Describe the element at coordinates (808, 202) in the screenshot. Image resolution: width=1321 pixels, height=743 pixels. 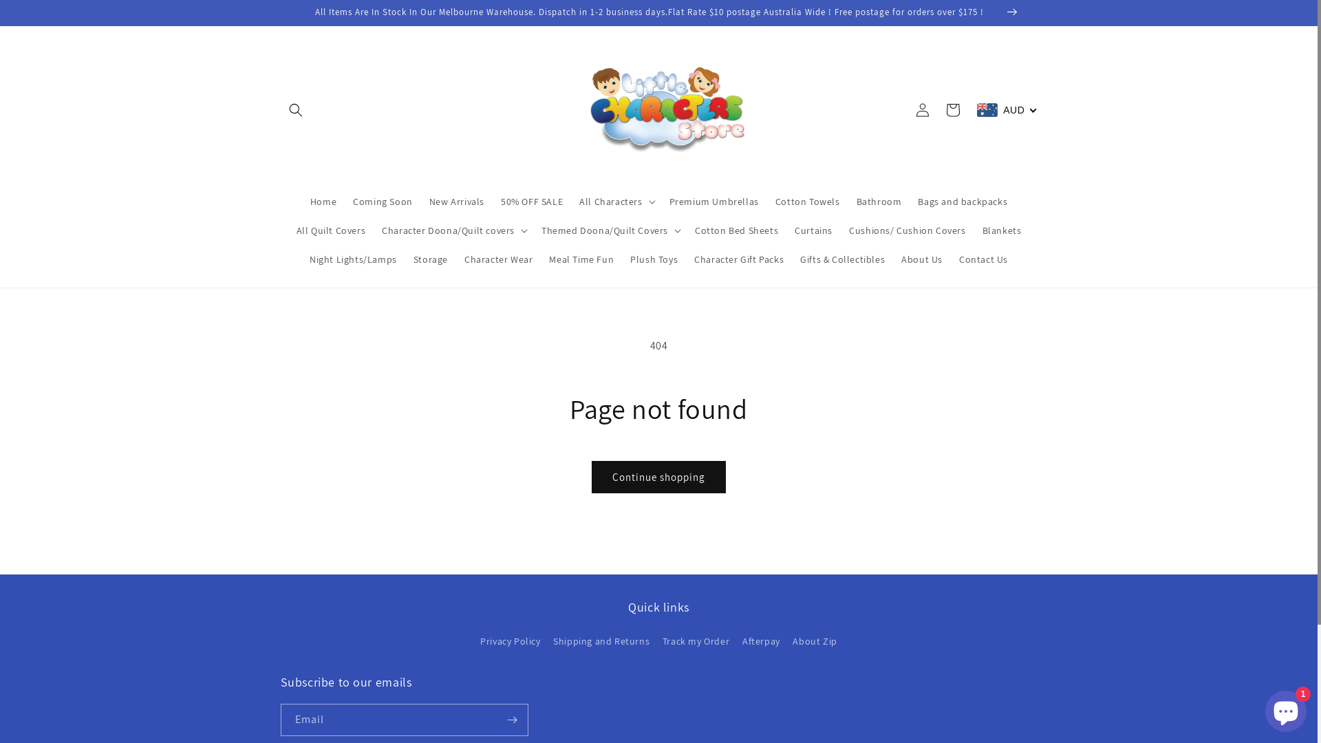
I see `'Cotton Towels'` at that location.